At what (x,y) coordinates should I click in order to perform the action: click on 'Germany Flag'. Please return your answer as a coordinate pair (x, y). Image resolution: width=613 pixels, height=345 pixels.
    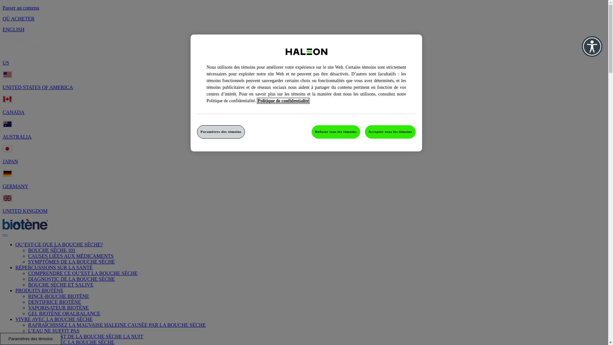
    Looking at the image, I should click on (7, 173).